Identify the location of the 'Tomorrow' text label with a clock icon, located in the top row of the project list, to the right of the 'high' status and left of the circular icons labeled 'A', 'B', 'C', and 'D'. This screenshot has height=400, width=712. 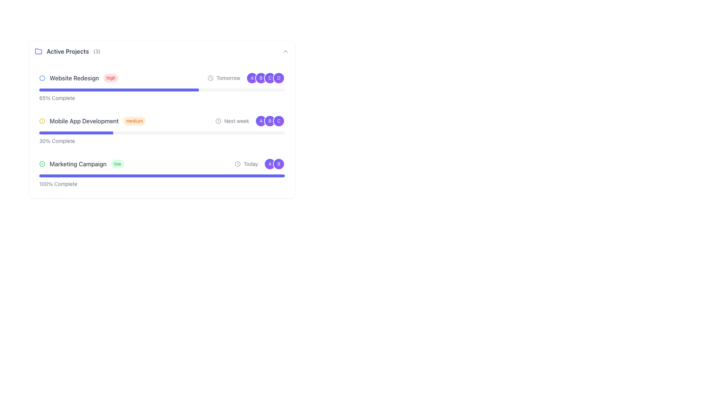
(223, 78).